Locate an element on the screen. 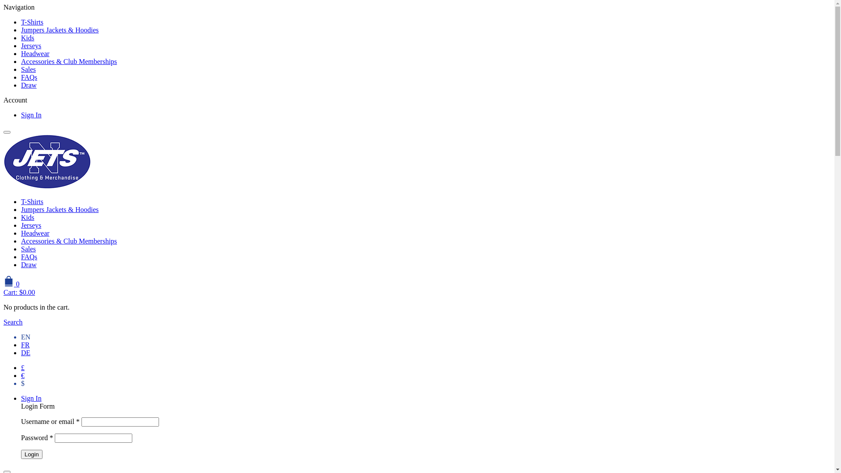 Image resolution: width=841 pixels, height=473 pixels. 'DE' is located at coordinates (25, 352).